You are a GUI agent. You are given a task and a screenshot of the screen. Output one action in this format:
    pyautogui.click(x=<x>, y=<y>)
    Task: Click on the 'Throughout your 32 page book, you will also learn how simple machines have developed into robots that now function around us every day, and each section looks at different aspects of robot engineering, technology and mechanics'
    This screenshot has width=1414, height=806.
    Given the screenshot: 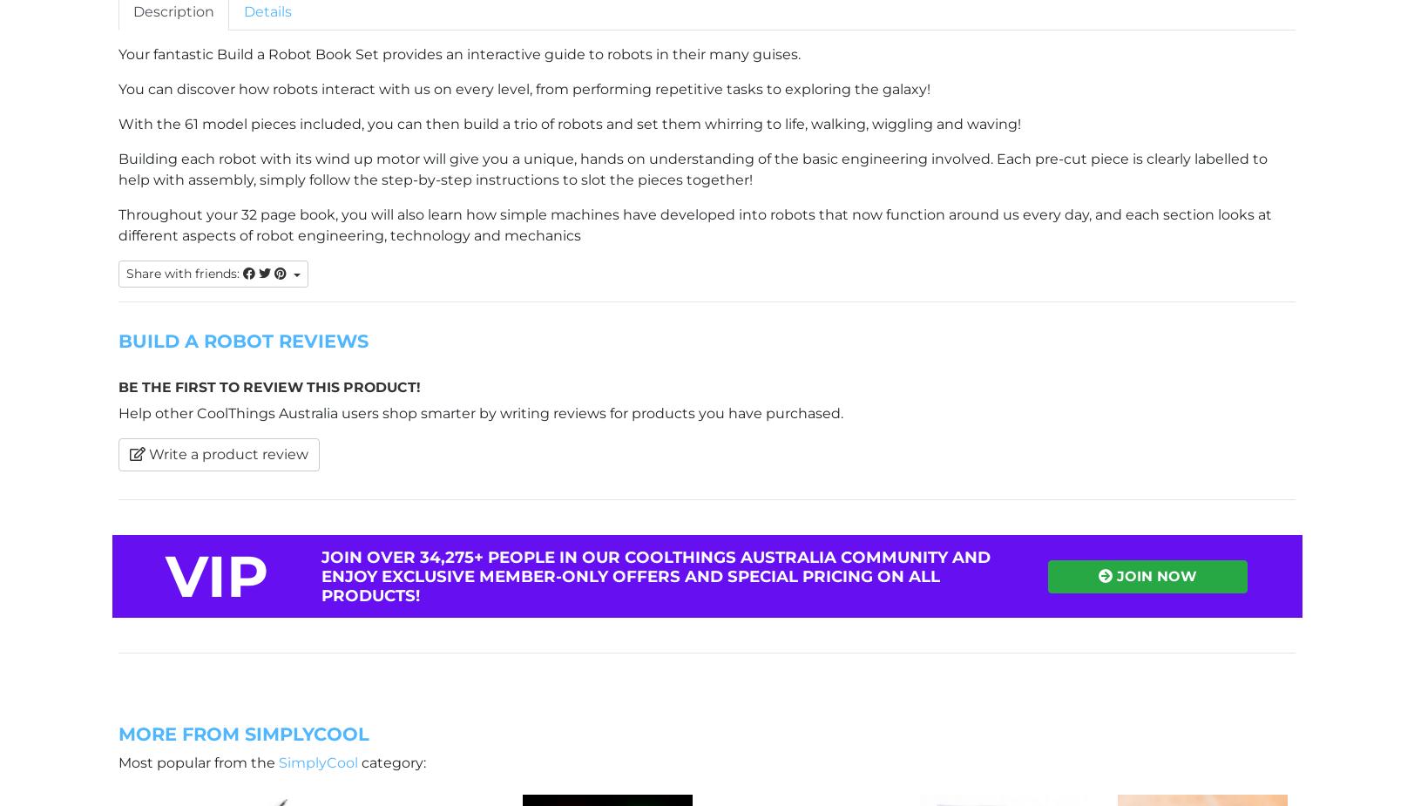 What is the action you would take?
    pyautogui.click(x=695, y=224)
    